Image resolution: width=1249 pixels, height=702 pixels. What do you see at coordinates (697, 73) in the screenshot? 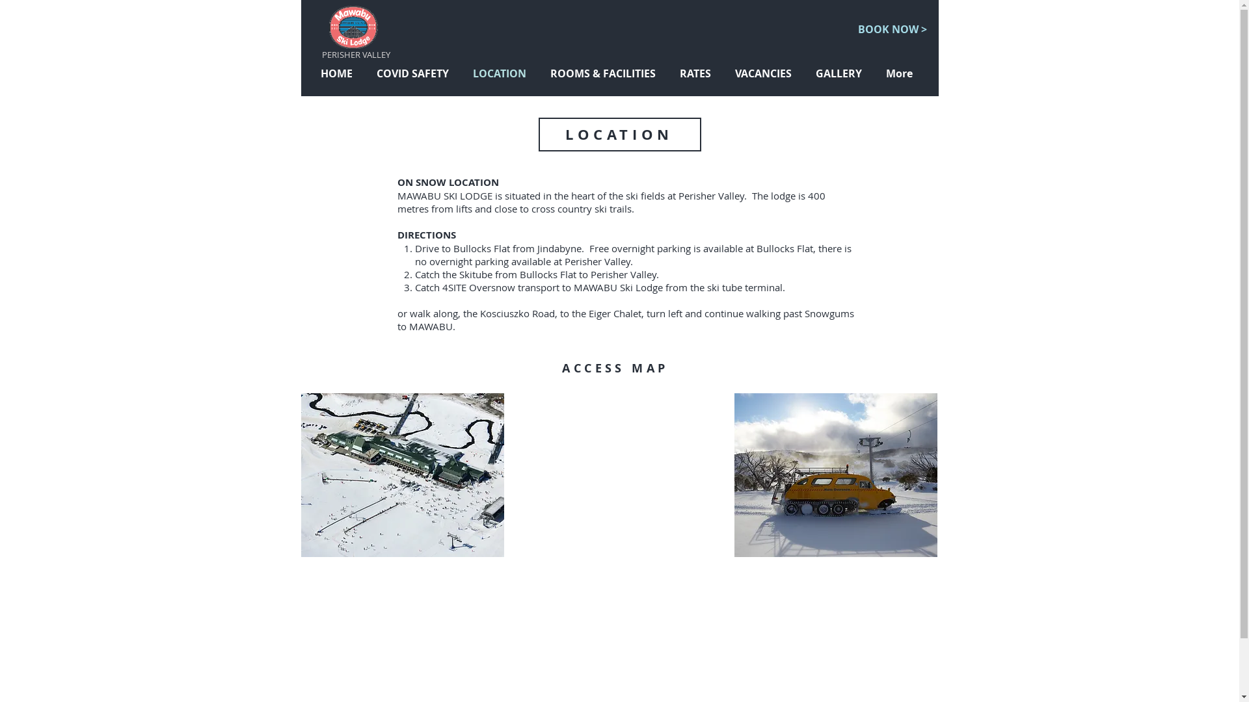
I see `'RATES'` at bounding box center [697, 73].